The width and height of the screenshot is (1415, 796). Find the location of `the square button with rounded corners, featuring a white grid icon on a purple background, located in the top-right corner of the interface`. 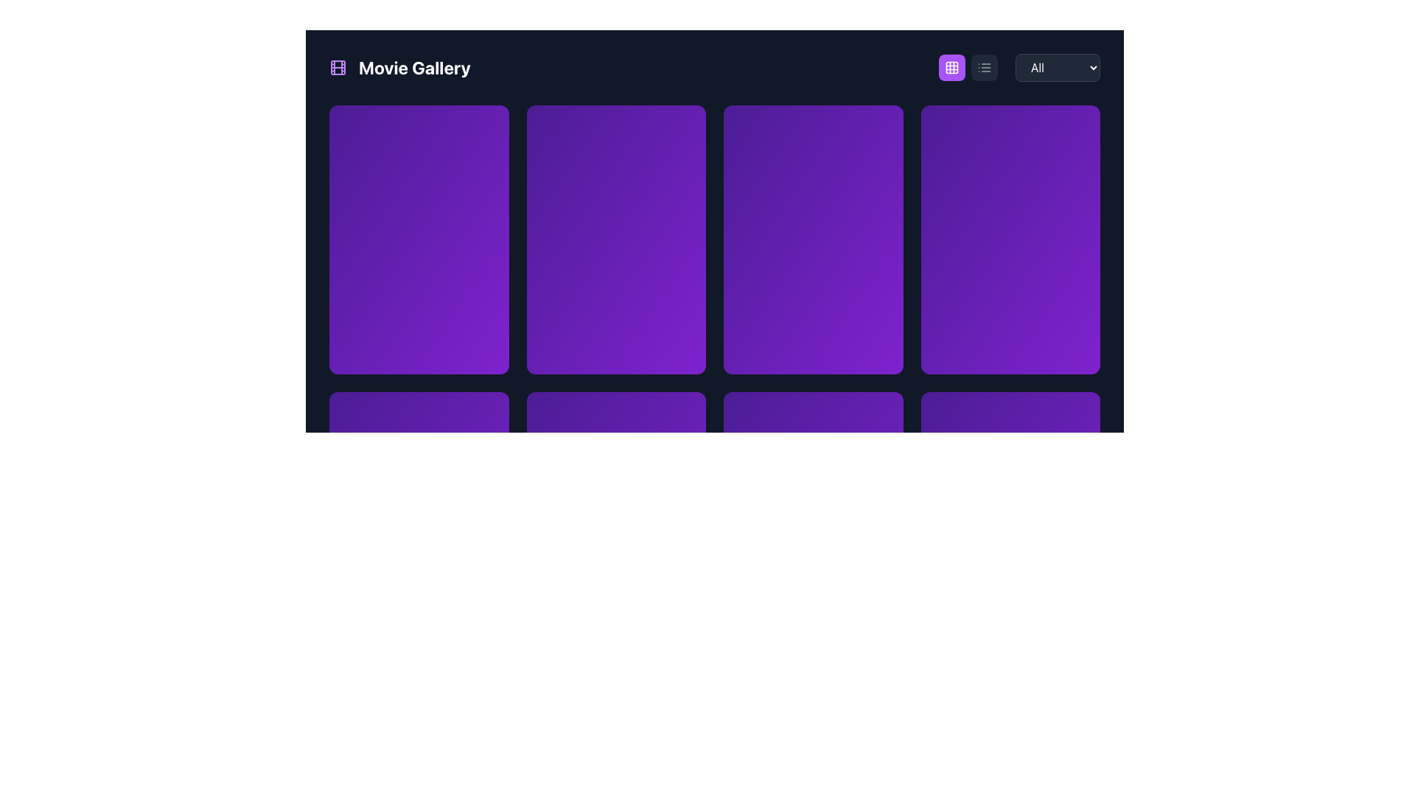

the square button with rounded corners, featuring a white grid icon on a purple background, located in the top-right corner of the interface is located at coordinates (951, 68).